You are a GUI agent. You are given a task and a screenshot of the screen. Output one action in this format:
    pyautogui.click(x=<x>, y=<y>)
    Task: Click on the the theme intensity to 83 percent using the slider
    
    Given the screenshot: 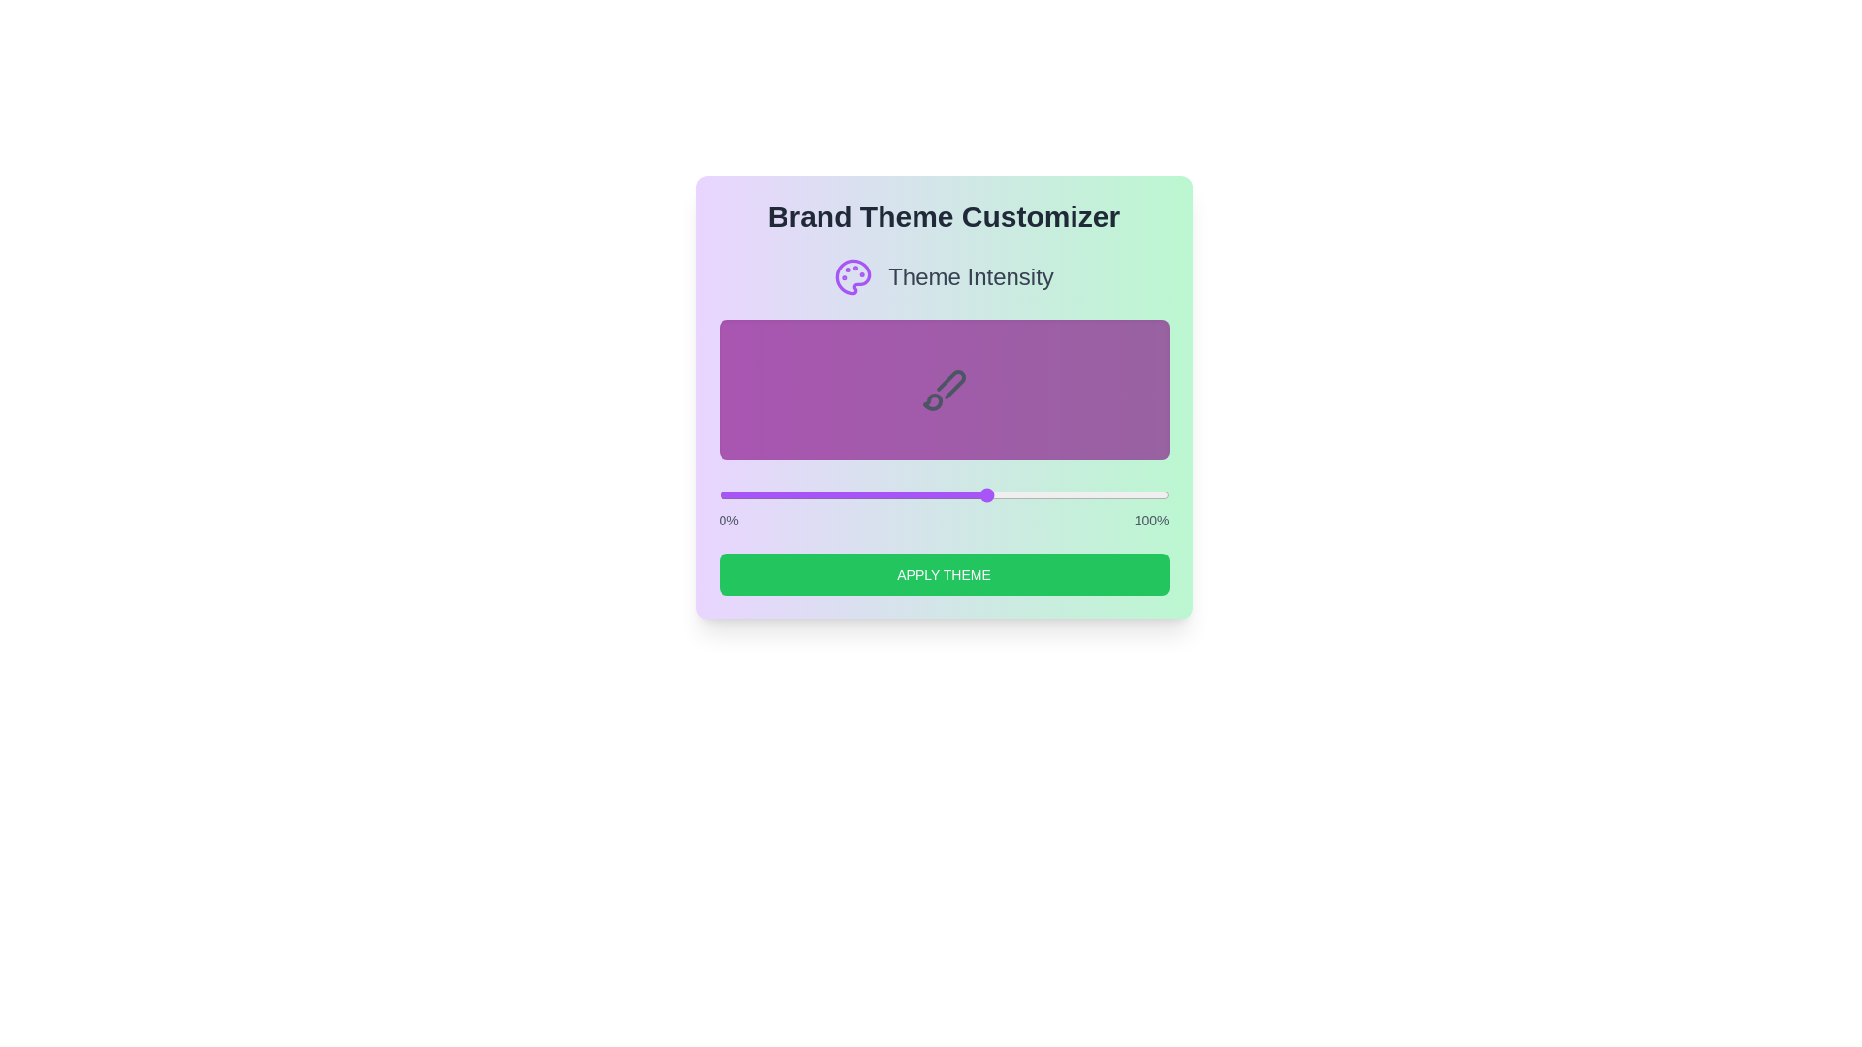 What is the action you would take?
    pyautogui.click(x=1092, y=493)
    